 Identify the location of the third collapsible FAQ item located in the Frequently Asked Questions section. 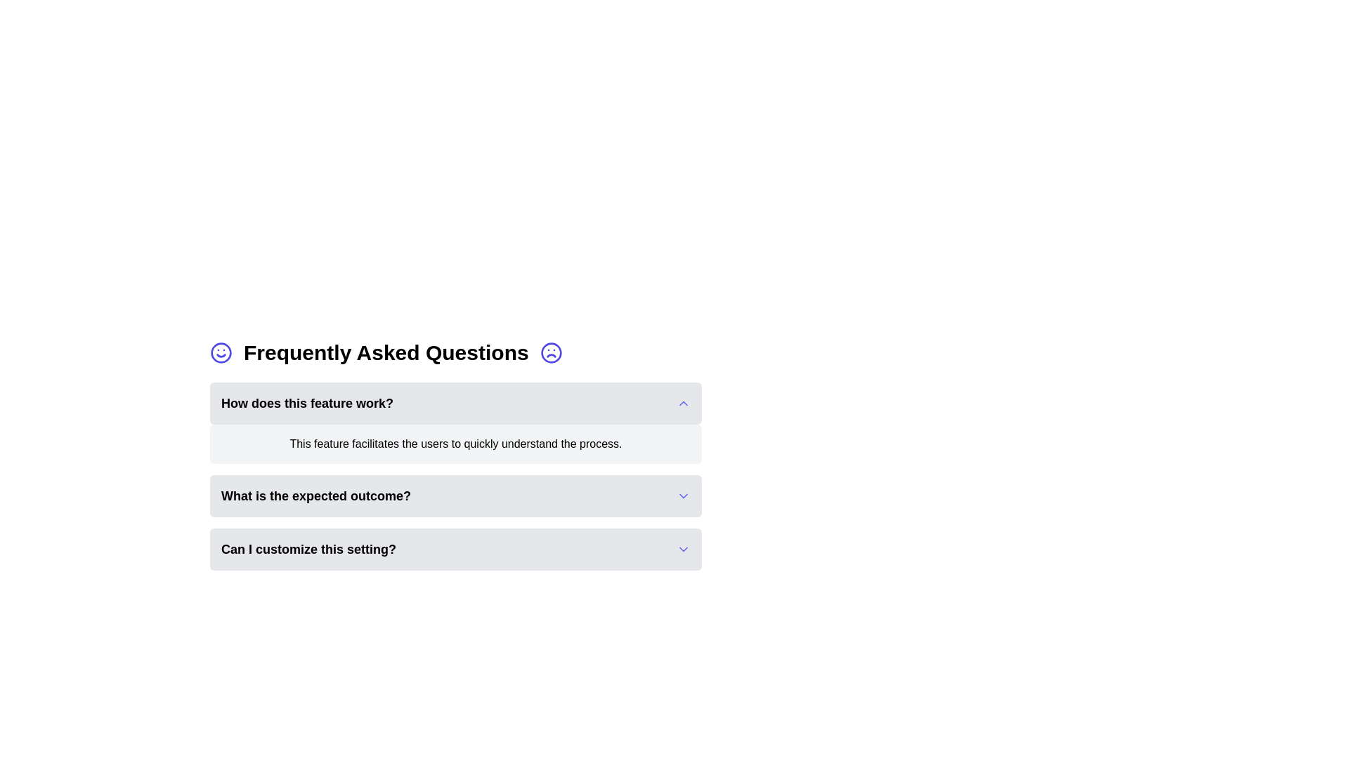
(455, 495).